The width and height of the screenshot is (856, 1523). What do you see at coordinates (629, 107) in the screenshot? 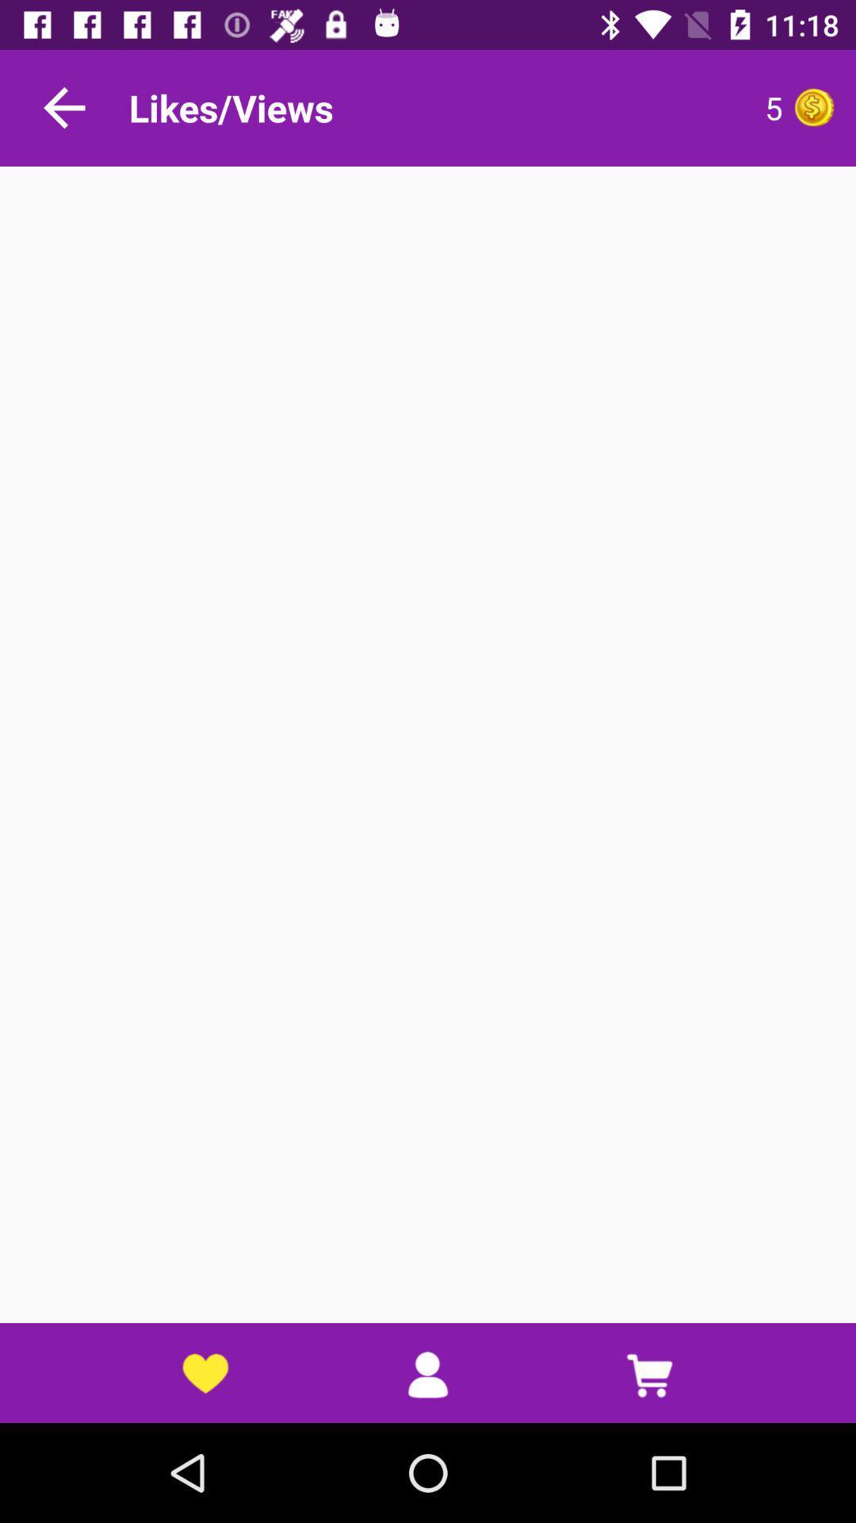
I see `the item next to likes/views icon` at bounding box center [629, 107].